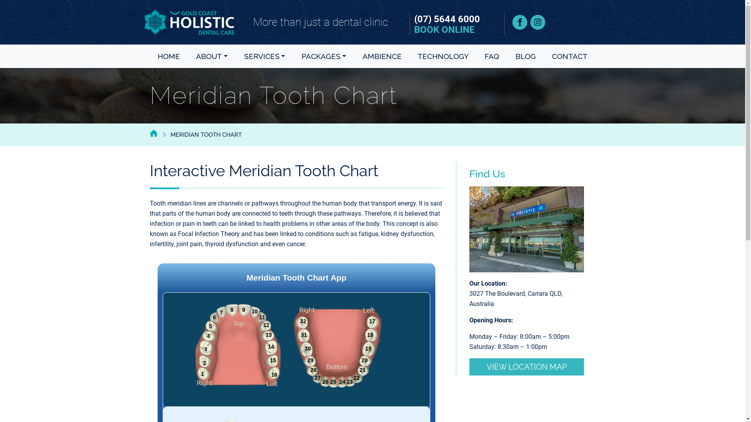  Describe the element at coordinates (444, 29) in the screenshot. I see `'BOOK ONLINE'` at that location.